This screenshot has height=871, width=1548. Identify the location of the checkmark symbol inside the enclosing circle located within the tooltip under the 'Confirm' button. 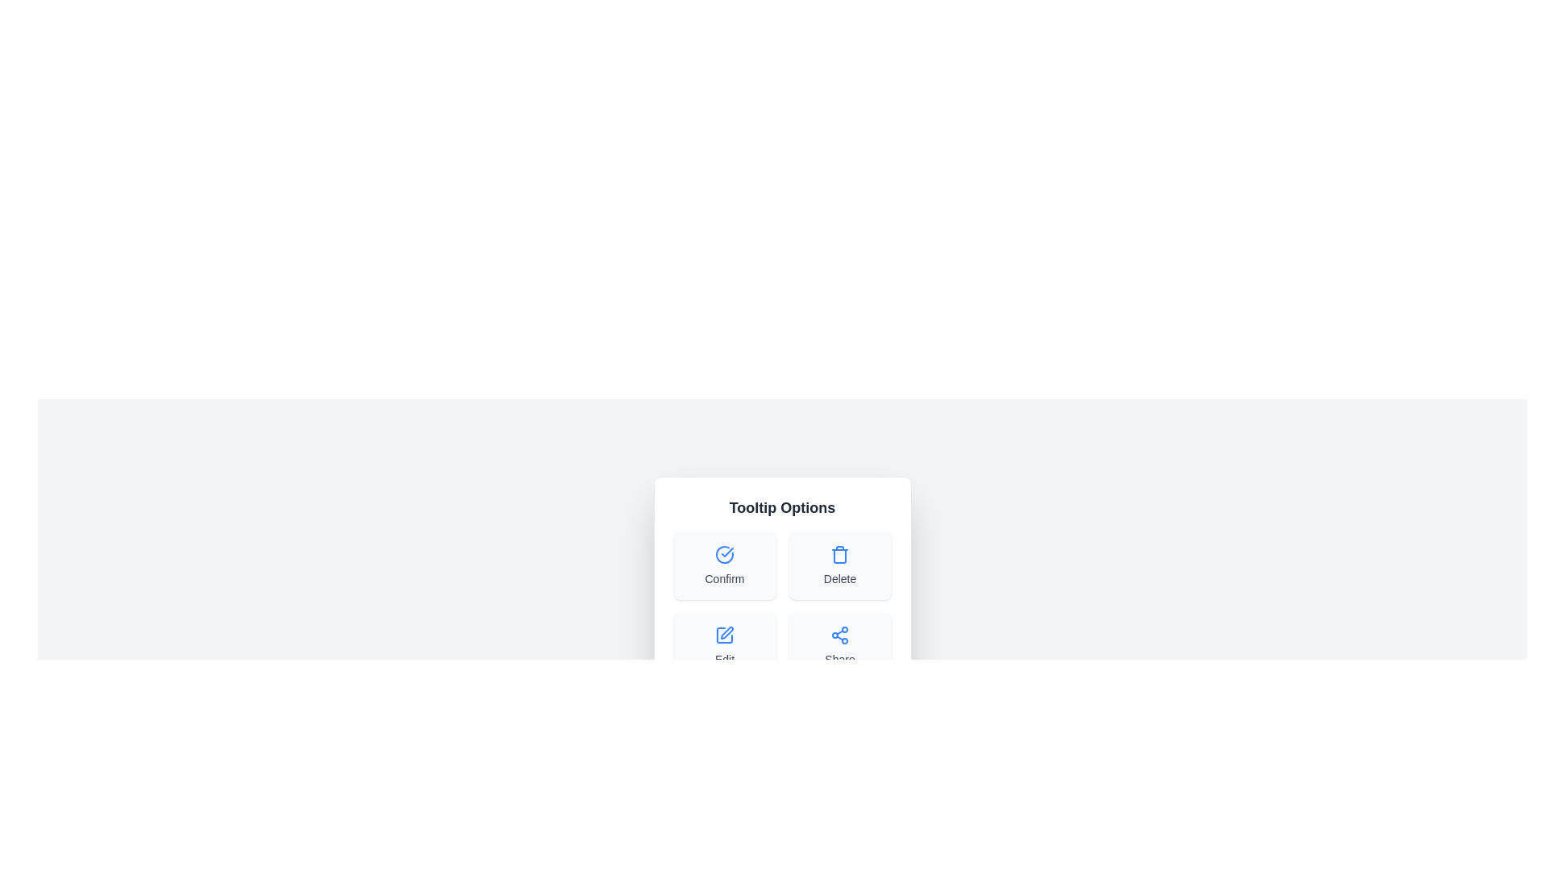
(726, 552).